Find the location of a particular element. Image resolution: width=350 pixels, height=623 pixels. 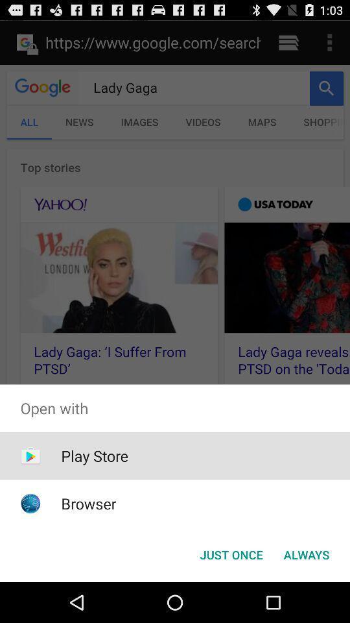

browser item is located at coordinates (88, 503).